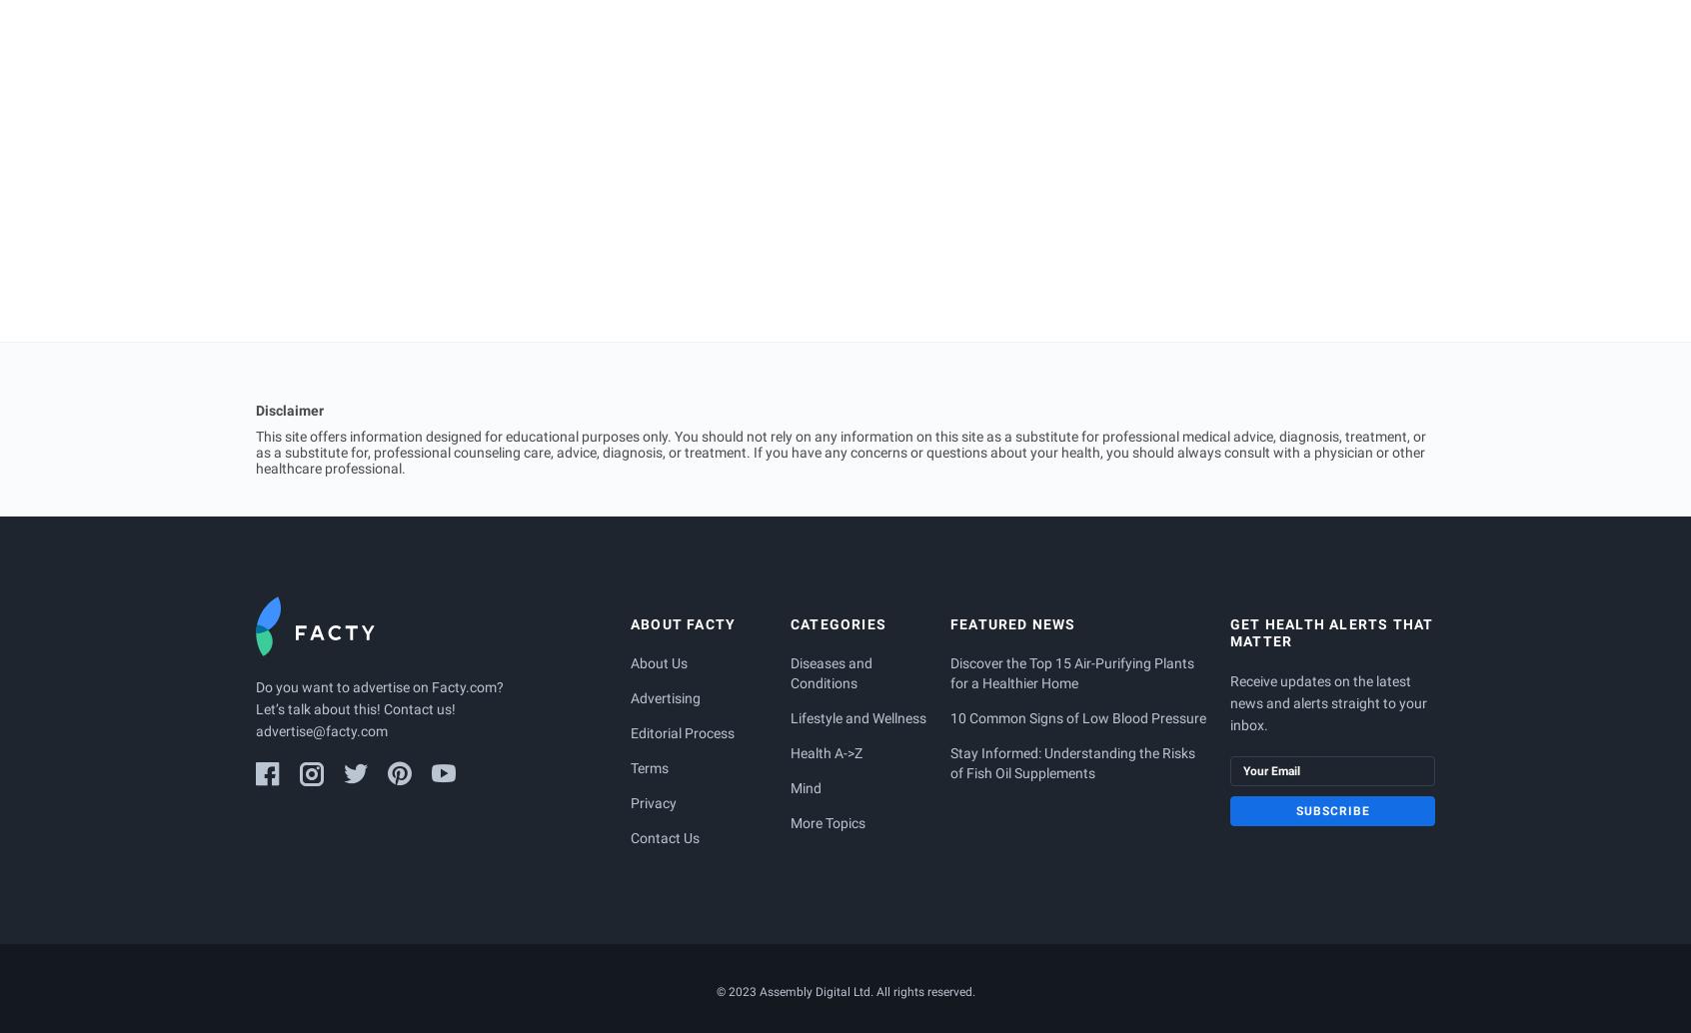  Describe the element at coordinates (740, 990) in the screenshot. I see `'2023'` at that location.